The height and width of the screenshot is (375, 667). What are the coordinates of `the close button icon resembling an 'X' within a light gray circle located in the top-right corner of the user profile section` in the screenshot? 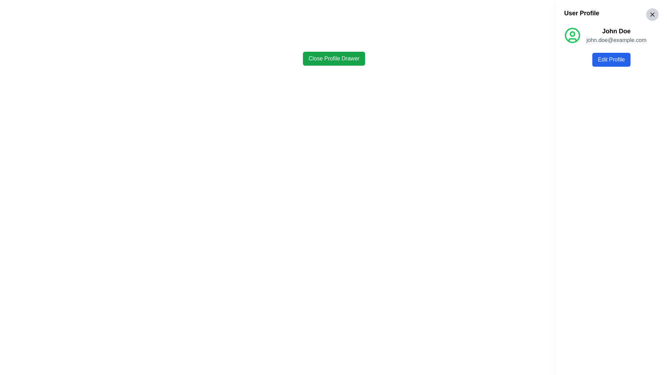 It's located at (652, 15).